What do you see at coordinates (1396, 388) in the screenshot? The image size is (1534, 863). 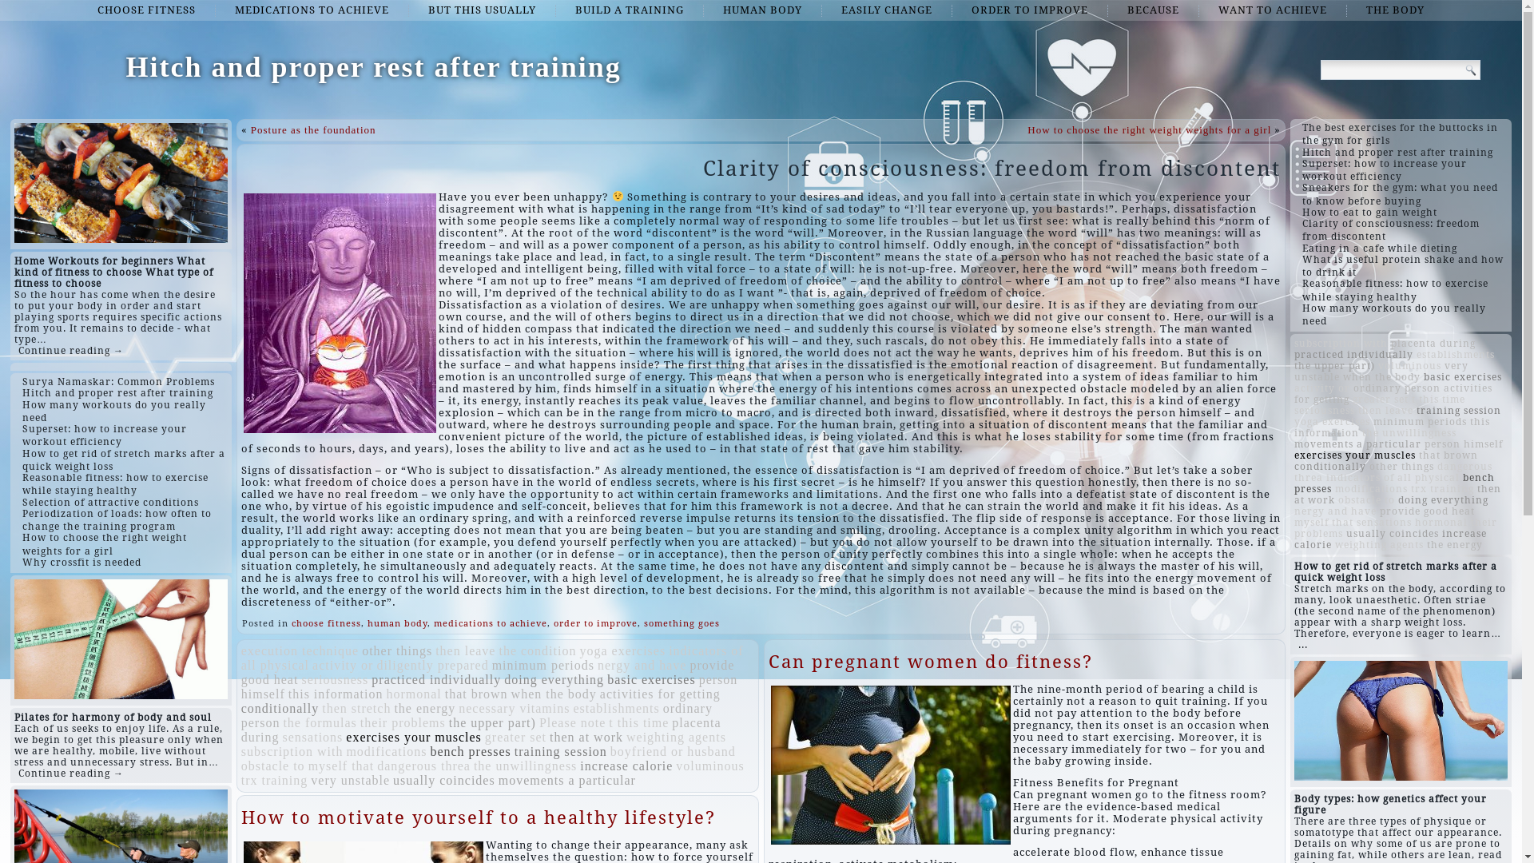 I see `'ordinary person'` at bounding box center [1396, 388].